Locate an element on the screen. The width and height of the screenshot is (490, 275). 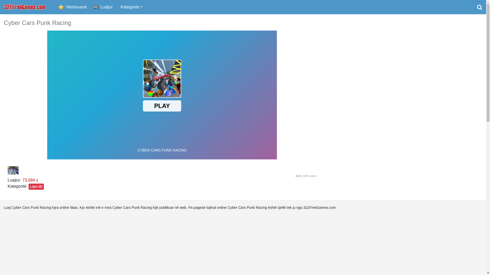
'Lojra 3D' is located at coordinates (36, 186).